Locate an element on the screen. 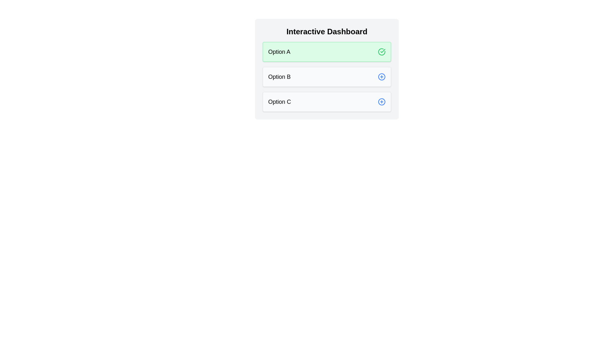 The image size is (616, 346). the icon of chip Option A is located at coordinates (382, 52).